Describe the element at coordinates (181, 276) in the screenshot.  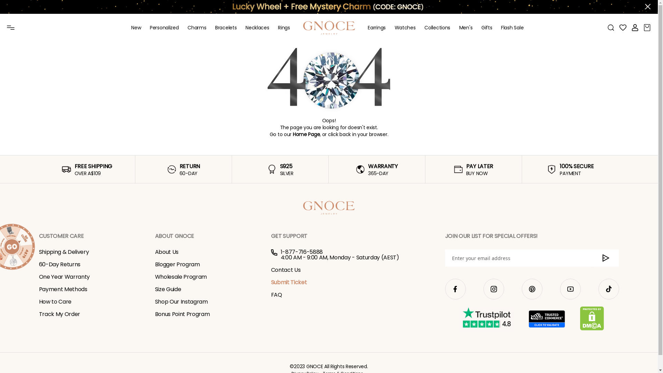
I see `'Wholesale Program'` at that location.